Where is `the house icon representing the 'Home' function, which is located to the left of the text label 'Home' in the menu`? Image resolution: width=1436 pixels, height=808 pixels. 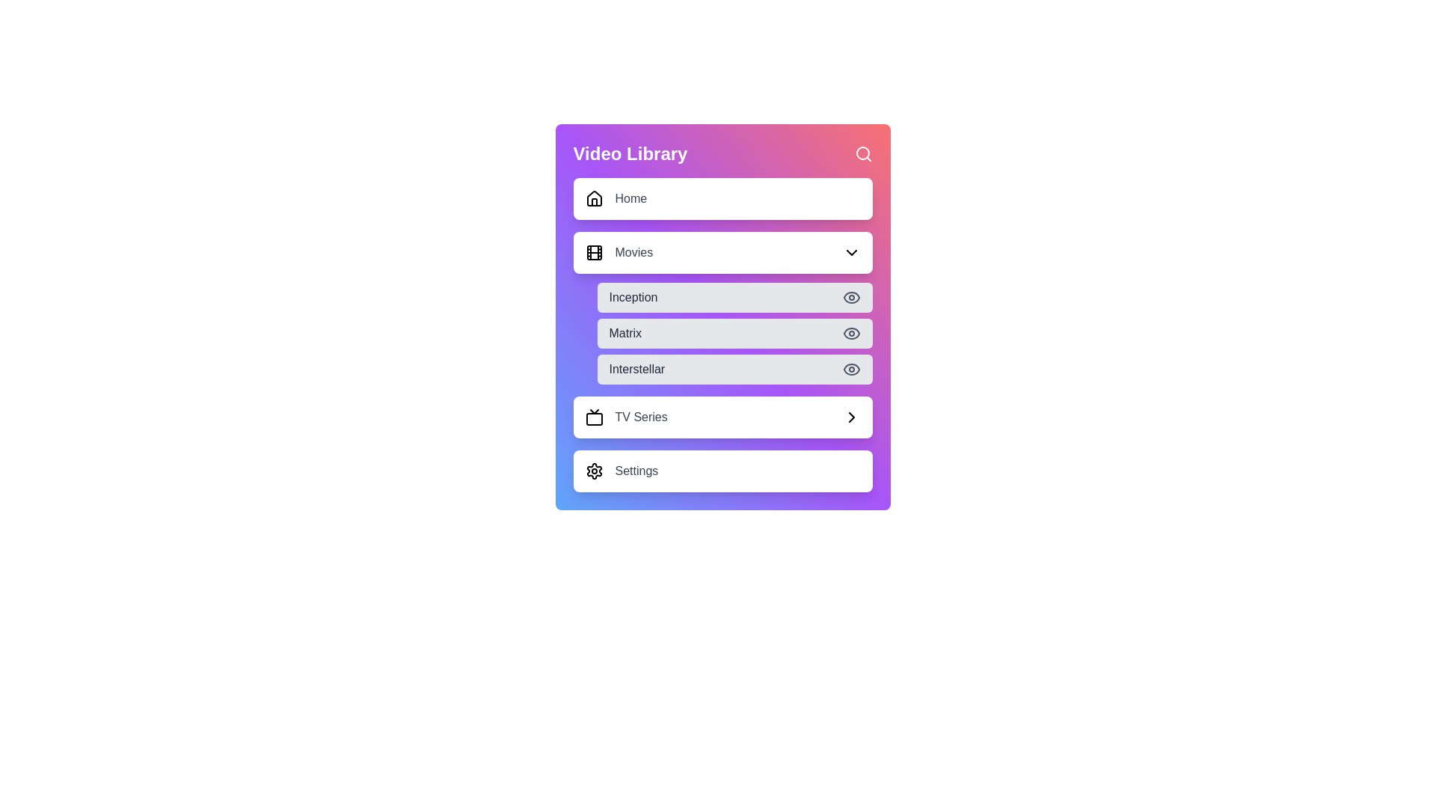
the house icon representing the 'Home' function, which is located to the left of the text label 'Home' in the menu is located at coordinates (593, 198).